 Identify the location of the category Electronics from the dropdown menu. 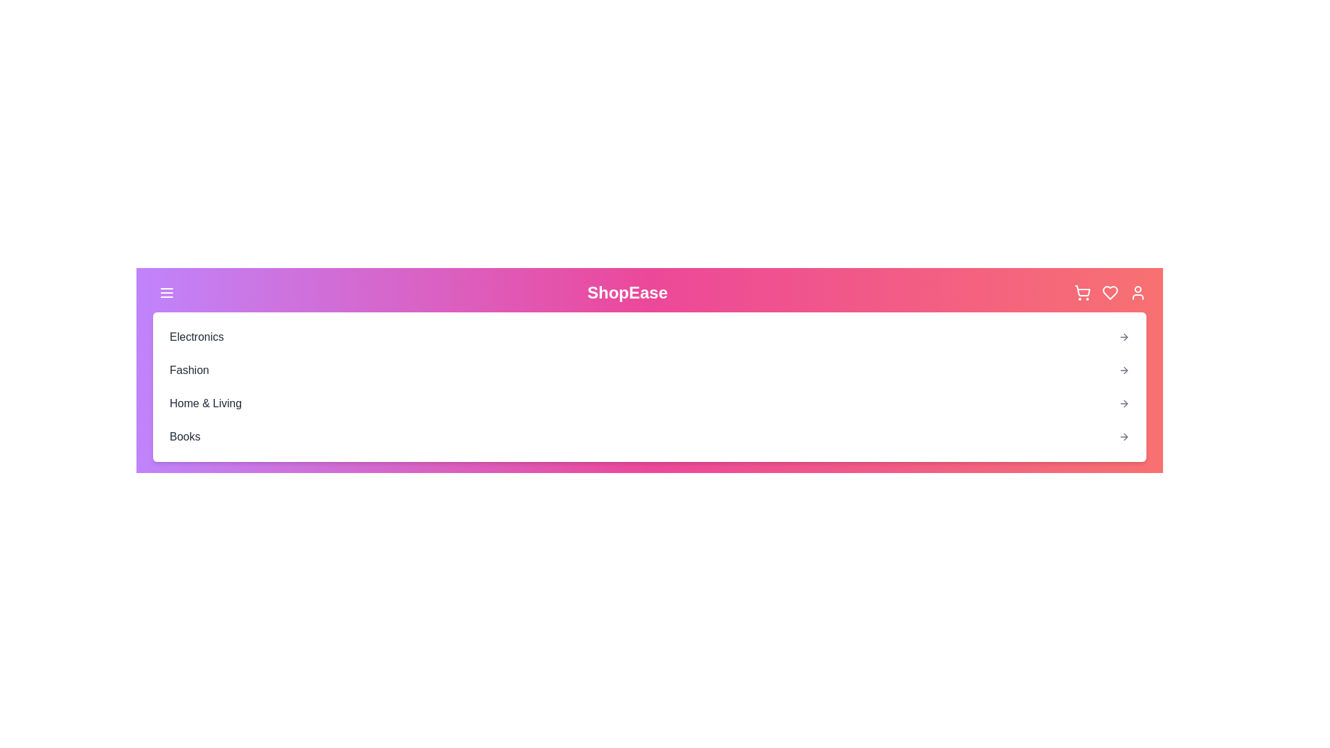
(195, 337).